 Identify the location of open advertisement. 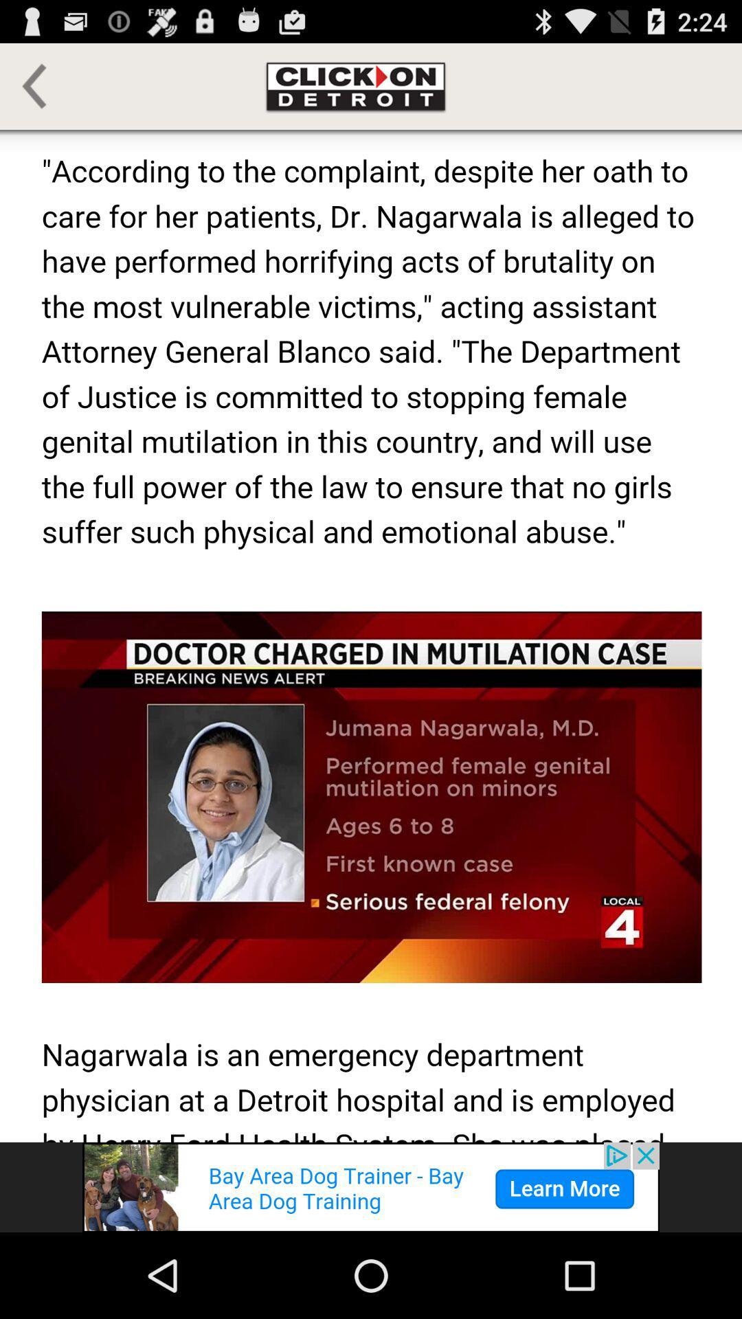
(371, 1186).